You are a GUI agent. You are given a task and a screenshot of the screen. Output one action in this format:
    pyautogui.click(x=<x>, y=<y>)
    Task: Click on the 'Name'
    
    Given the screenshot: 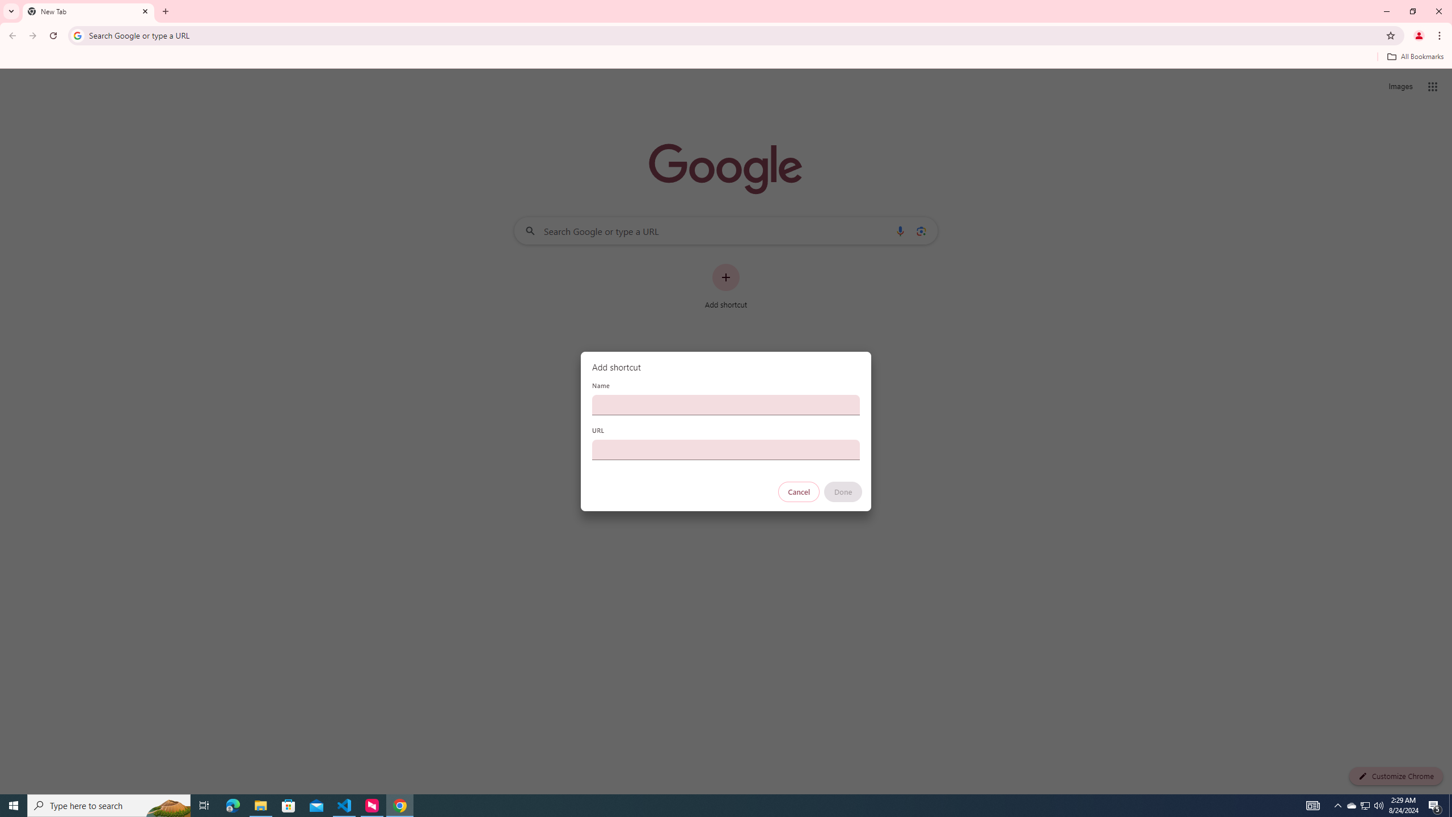 What is the action you would take?
    pyautogui.click(x=726, y=404)
    